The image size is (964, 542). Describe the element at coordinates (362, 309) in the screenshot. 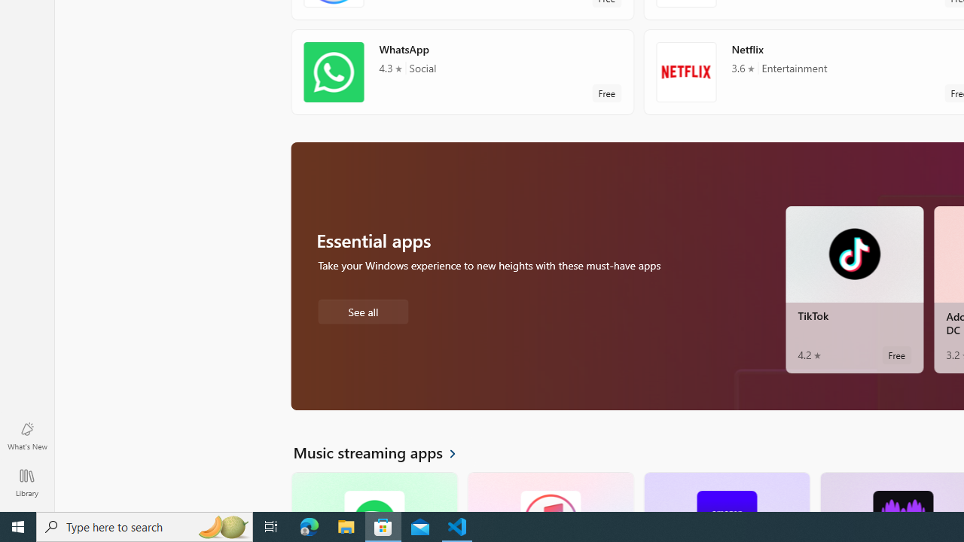

I see `'See all  Essential apps'` at that location.